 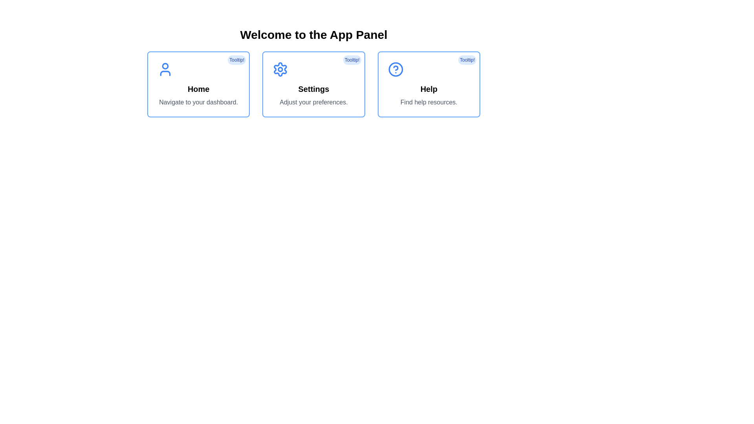 I want to click on the cog-shaped settings icon located centrally within the 'Settings' card, which features a blue outline and a circular void at its center, so click(x=280, y=69).